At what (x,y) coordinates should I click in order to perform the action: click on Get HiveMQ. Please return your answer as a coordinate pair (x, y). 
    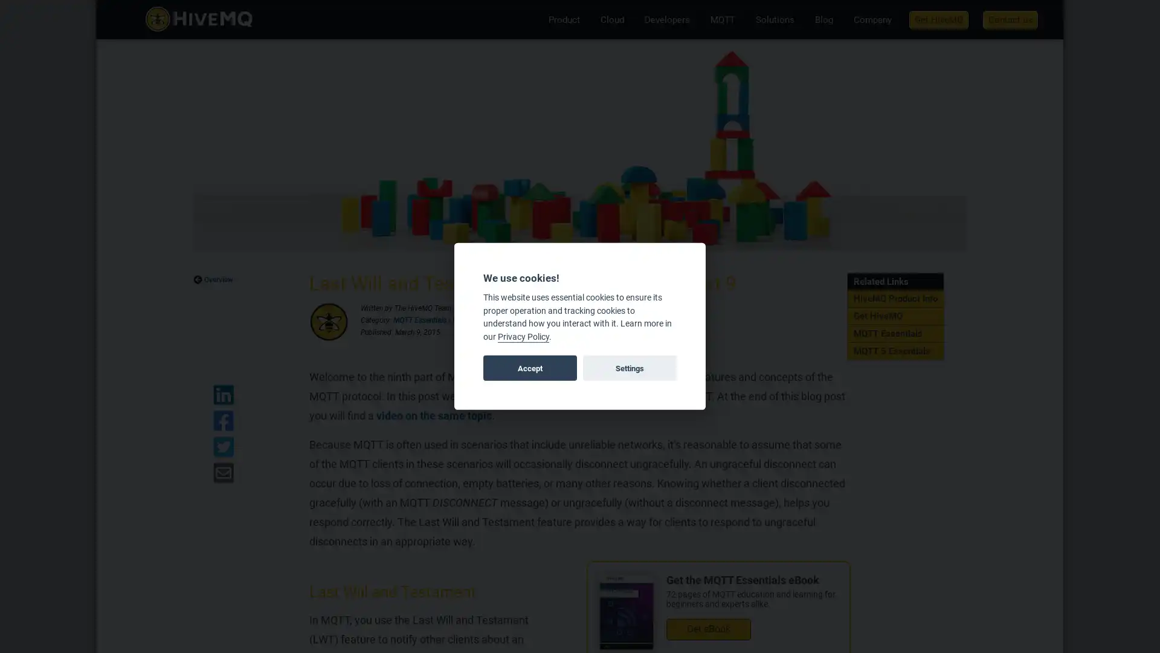
    Looking at the image, I should click on (938, 19).